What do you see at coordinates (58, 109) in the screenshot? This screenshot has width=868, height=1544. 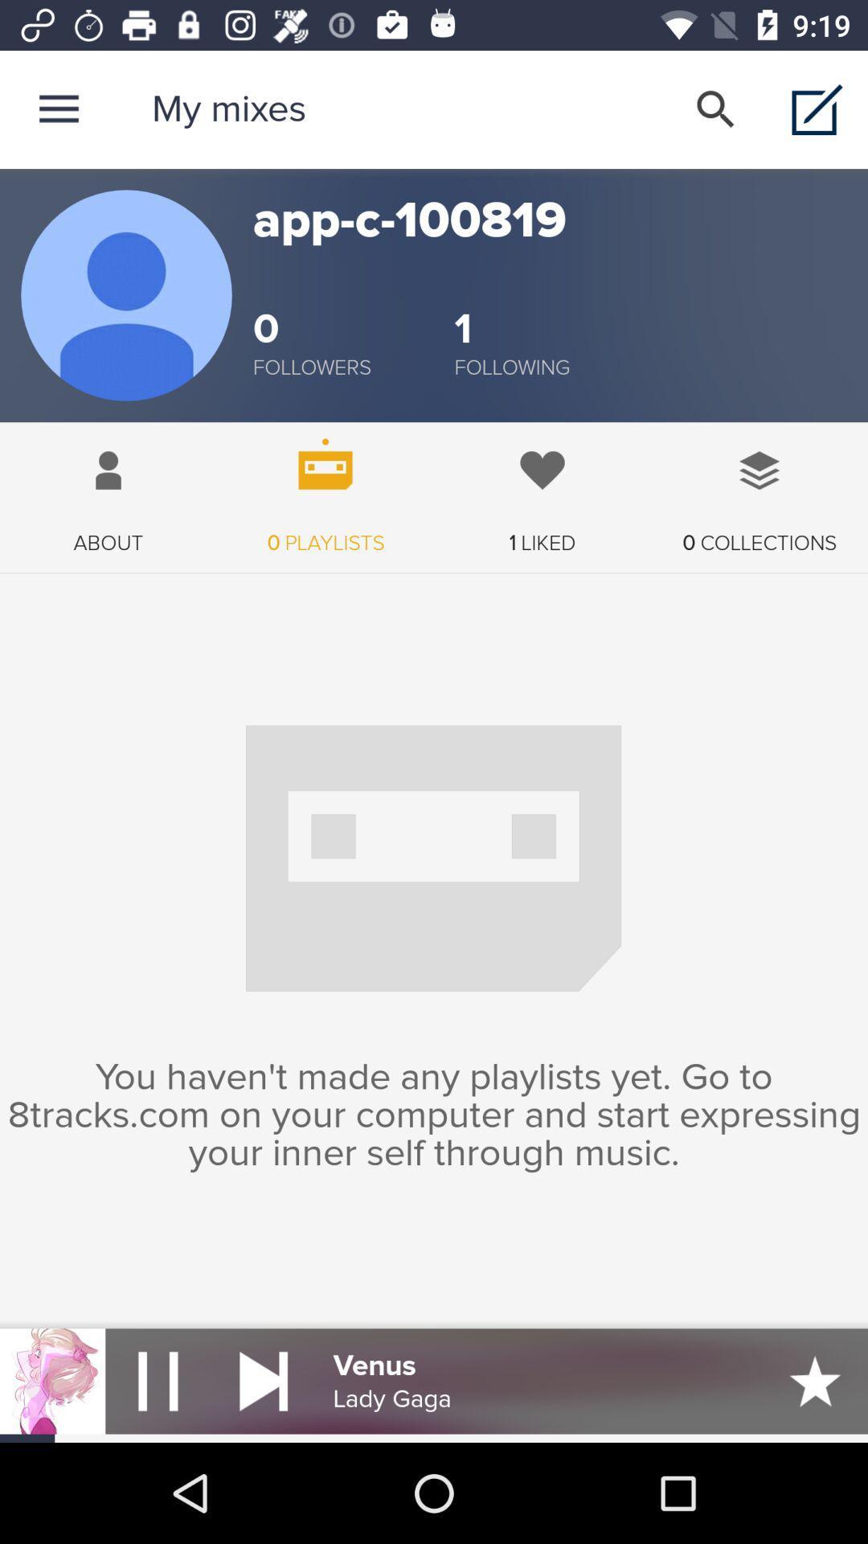 I see `the icon next to my mixes icon` at bounding box center [58, 109].